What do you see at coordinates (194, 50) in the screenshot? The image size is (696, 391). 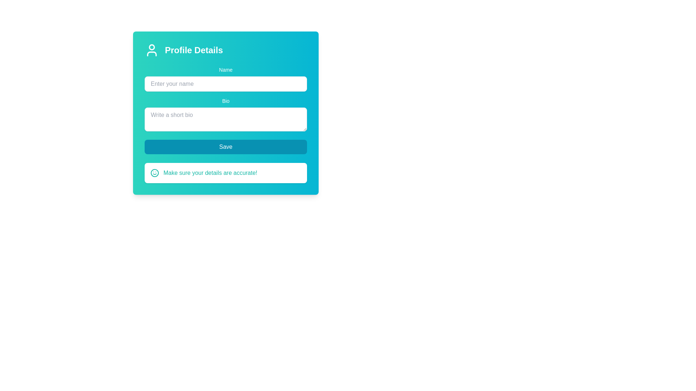 I see `the text label displaying 'Profile Details' which is styled in white and located in the upper section of the interface, to the right of a user silhouette icon` at bounding box center [194, 50].